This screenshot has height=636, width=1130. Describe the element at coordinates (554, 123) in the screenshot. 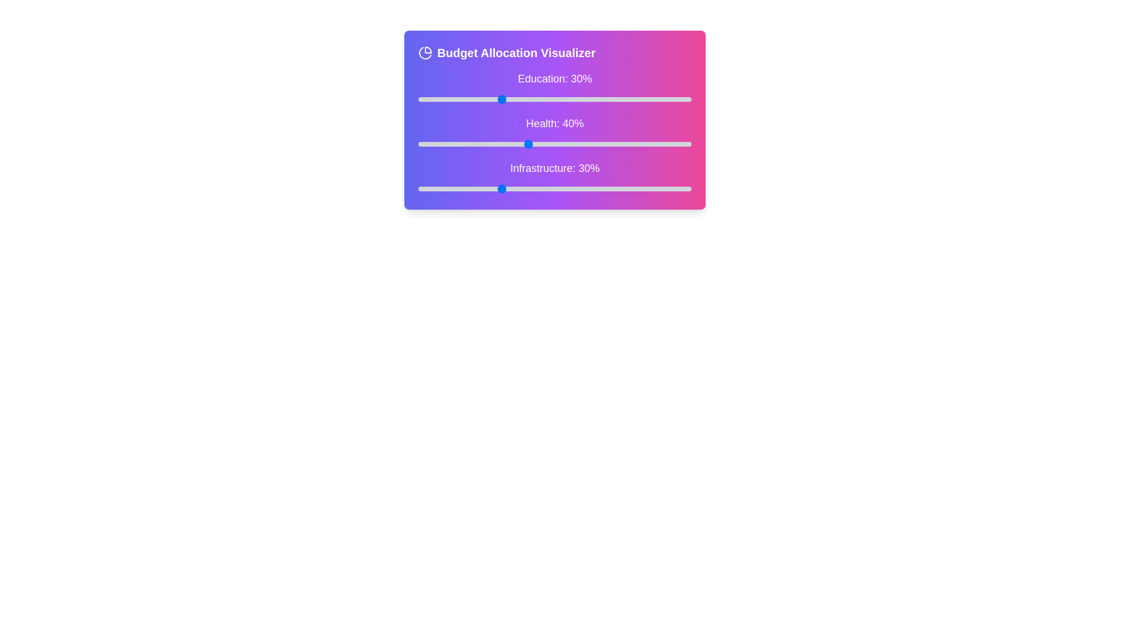

I see `the Health allocation percentage label located in the Budget Allocation Visualizer card, which is positioned centrally below the Education: 30% label and above the Infrastructure: 30% label` at that location.